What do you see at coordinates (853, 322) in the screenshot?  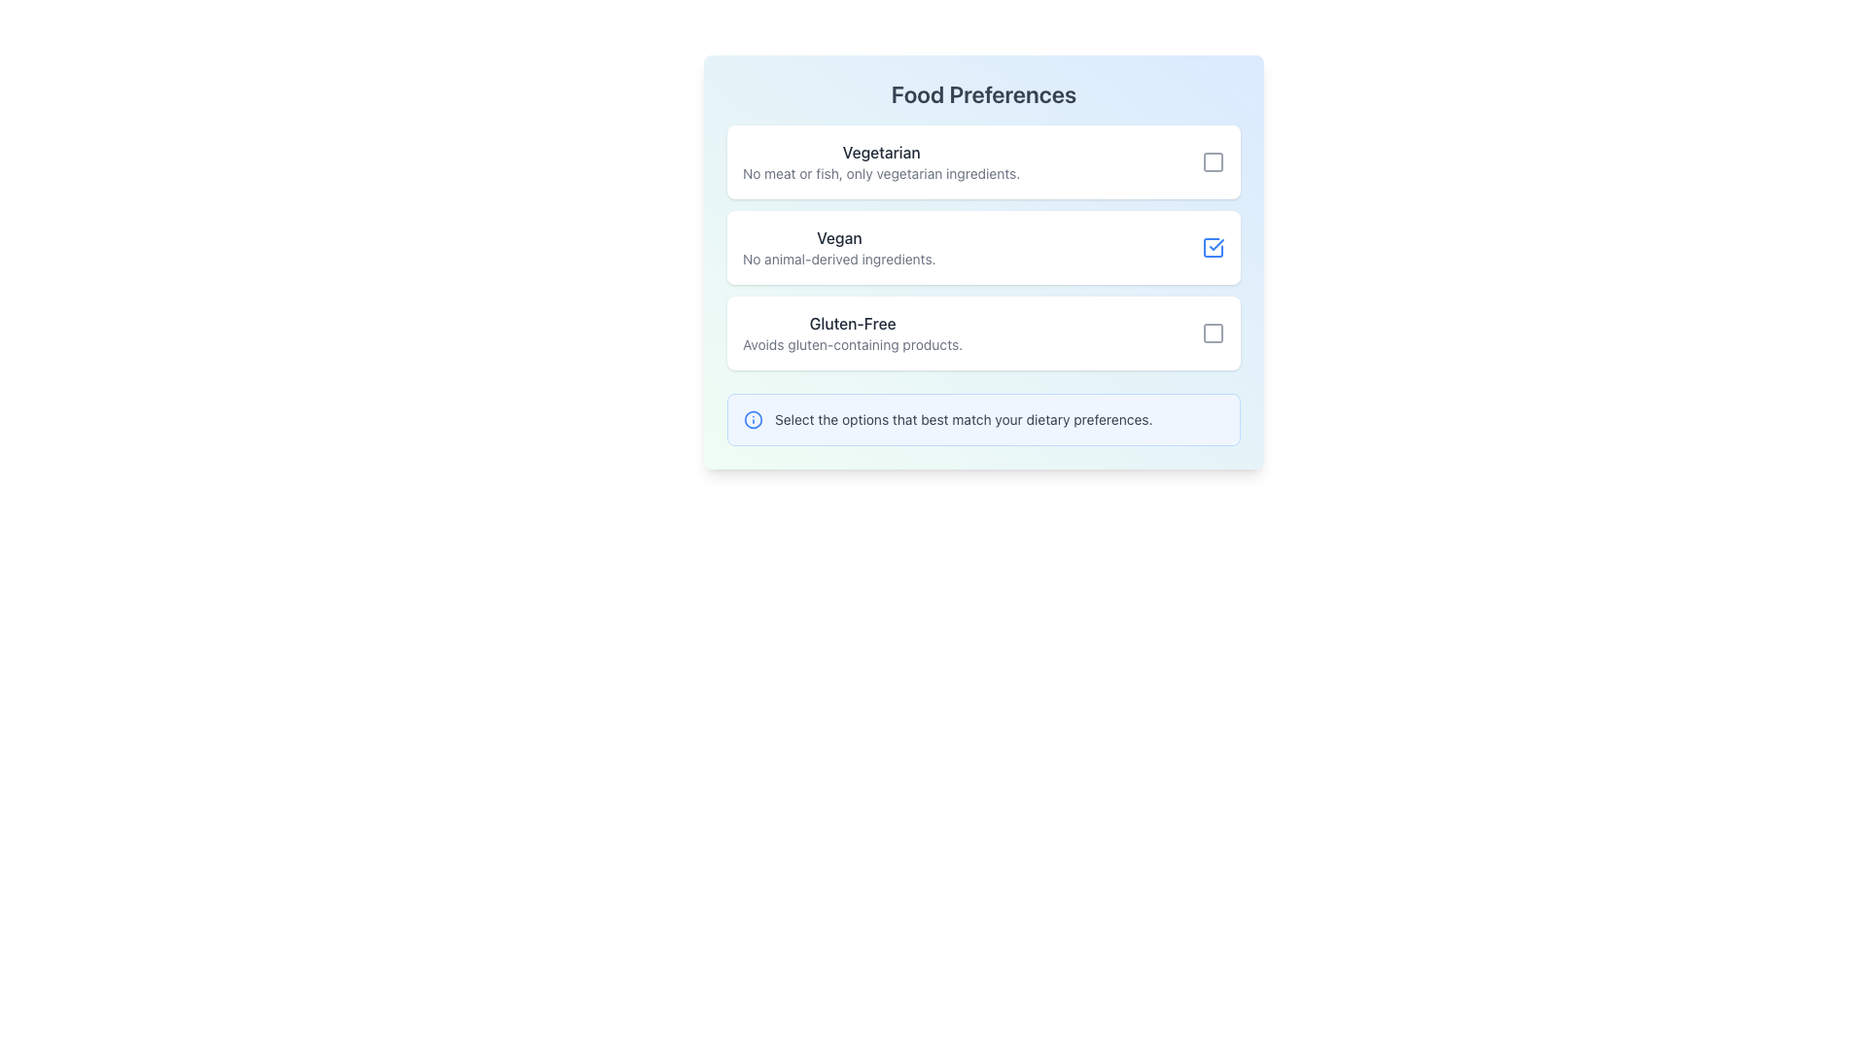 I see `the 'Gluten-Free' dietary preference title text label, which is the third option in a vertical list, positioned above the description 'Avoids gluten-containing products.'` at bounding box center [853, 322].